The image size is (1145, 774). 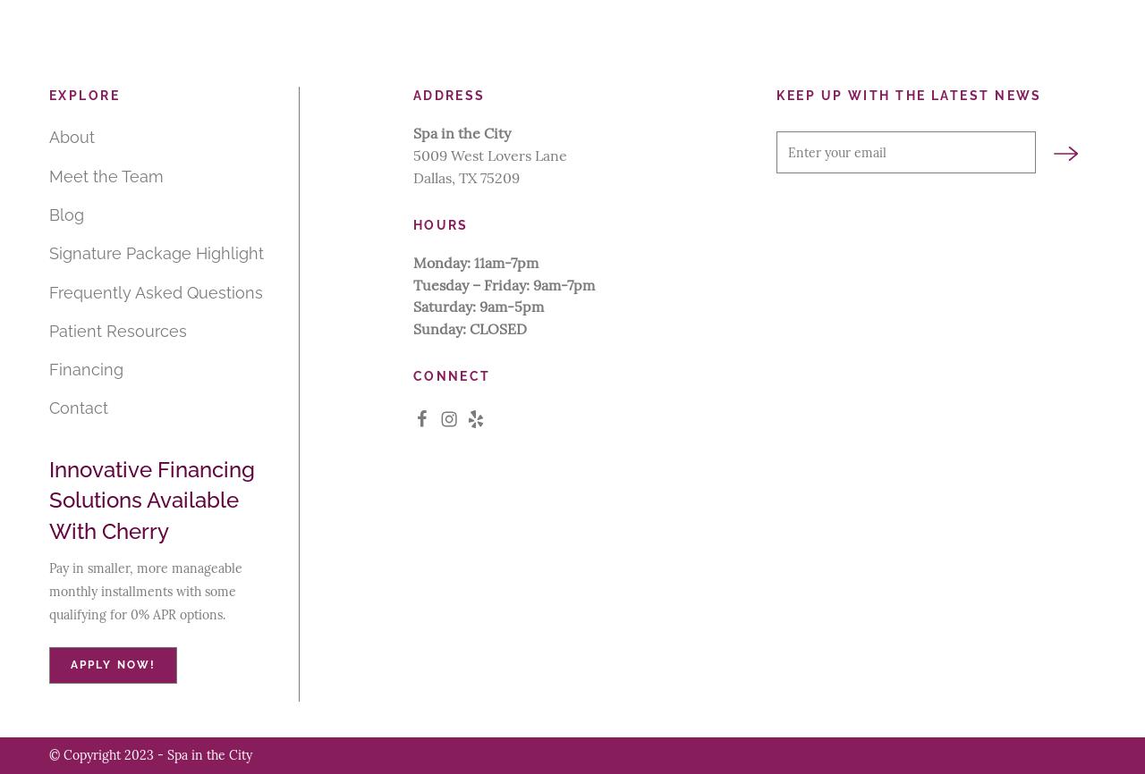 I want to click on 'Contact', so click(x=78, y=408).